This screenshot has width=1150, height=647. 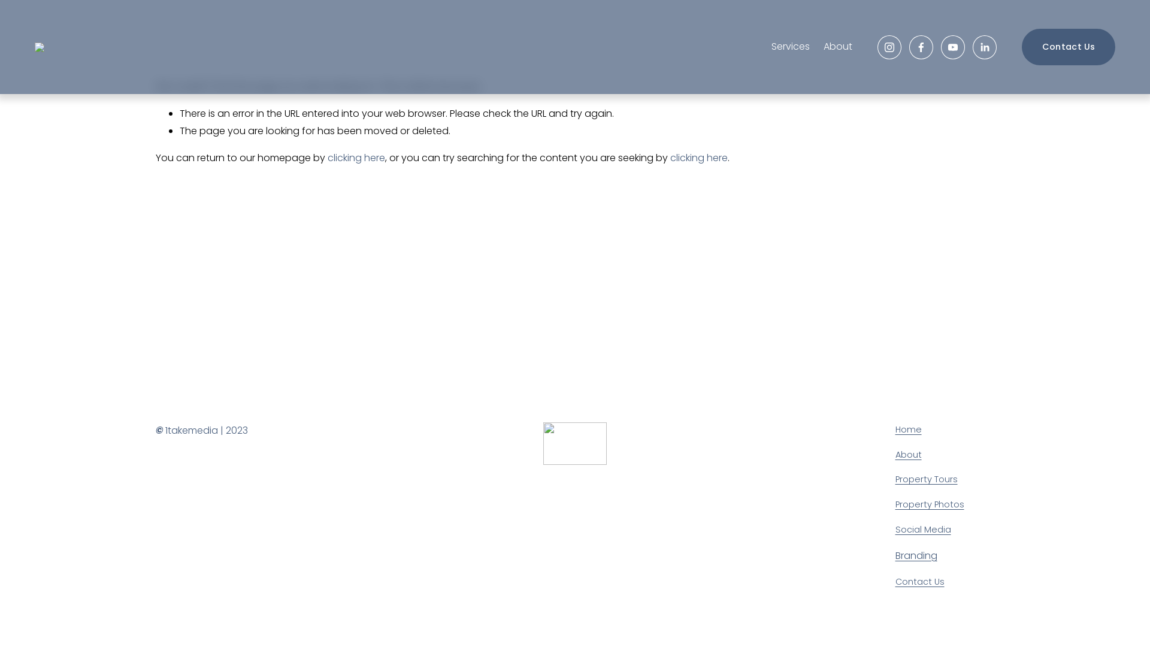 What do you see at coordinates (916, 556) in the screenshot?
I see `'Branding'` at bounding box center [916, 556].